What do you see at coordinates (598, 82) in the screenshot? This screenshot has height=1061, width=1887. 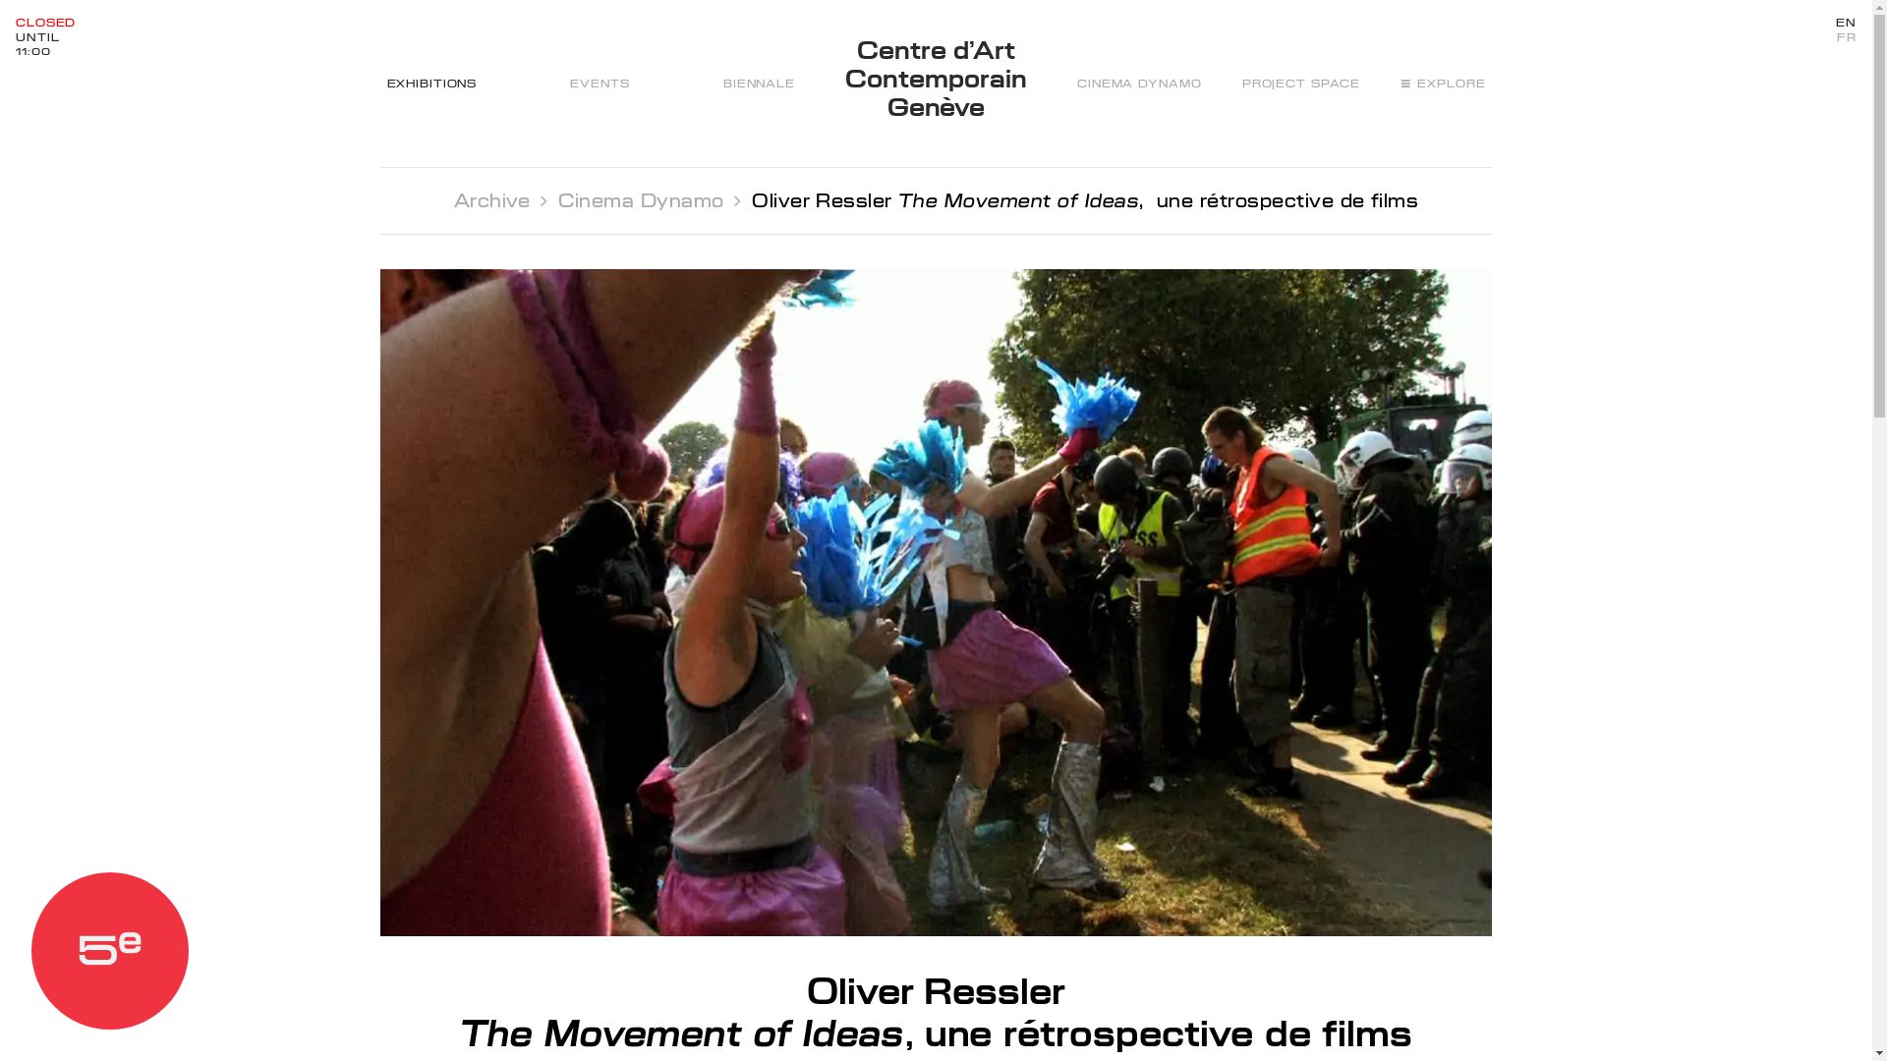 I see `'EVENTS'` at bounding box center [598, 82].